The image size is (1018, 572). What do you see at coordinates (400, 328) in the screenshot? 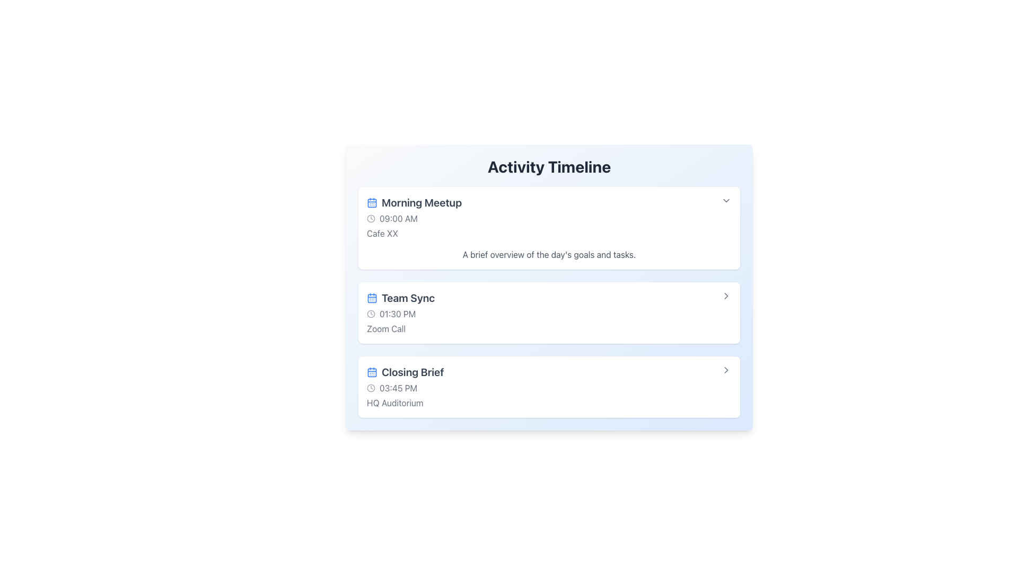
I see `the 'Zoom Call' text label displayed in gray, located in the 'Team Sync' section, below the time indicator '01:30 PM'` at bounding box center [400, 328].